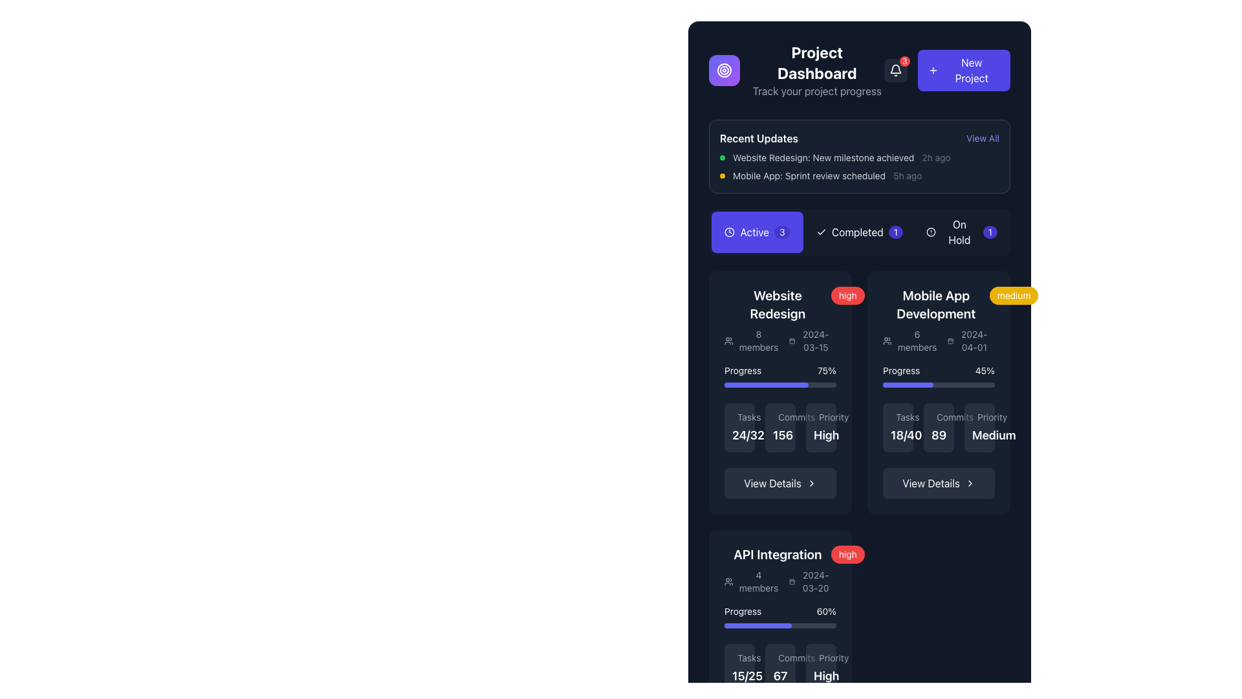 The height and width of the screenshot is (699, 1242). What do you see at coordinates (730, 231) in the screenshot?
I see `the central circular SVG component within the clock icon located adjacent to the 'Active' tab indicator in the project dashboard interface` at bounding box center [730, 231].